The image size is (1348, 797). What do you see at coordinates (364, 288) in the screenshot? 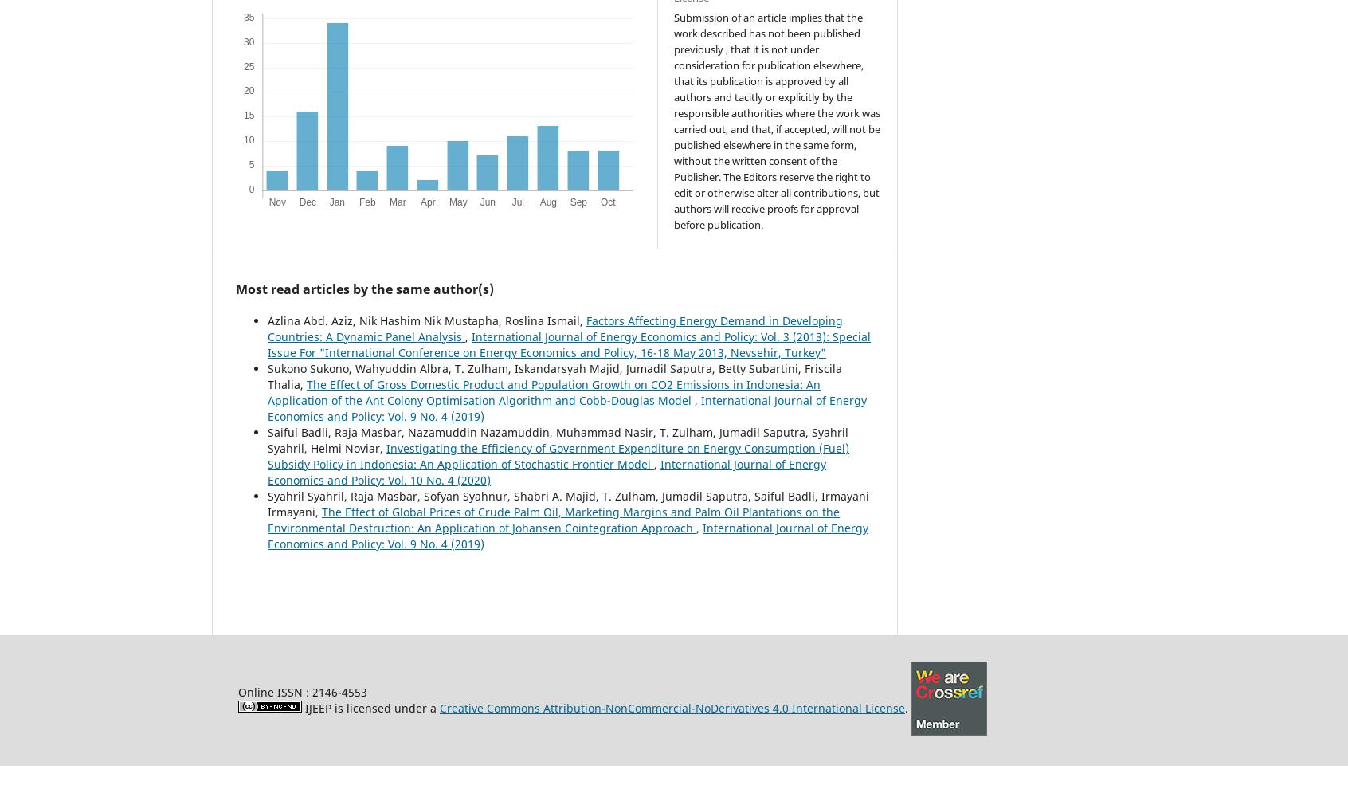
I see `'Most read articles by the same author(s)'` at bounding box center [364, 288].